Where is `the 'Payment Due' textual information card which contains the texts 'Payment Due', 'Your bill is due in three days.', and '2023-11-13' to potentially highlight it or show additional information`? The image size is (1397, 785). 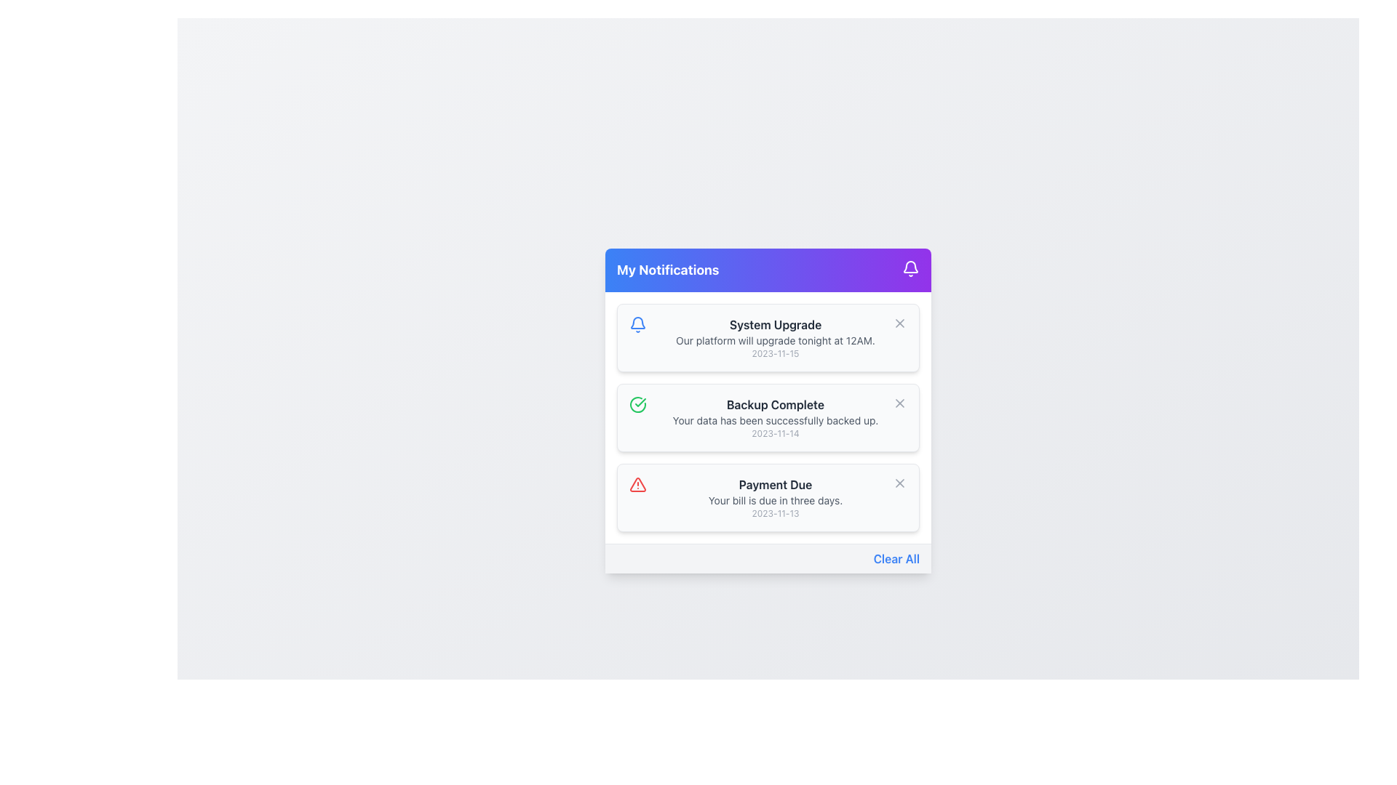 the 'Payment Due' textual information card which contains the texts 'Payment Due', 'Your bill is due in three days.', and '2023-11-13' to potentially highlight it or show additional information is located at coordinates (774, 496).